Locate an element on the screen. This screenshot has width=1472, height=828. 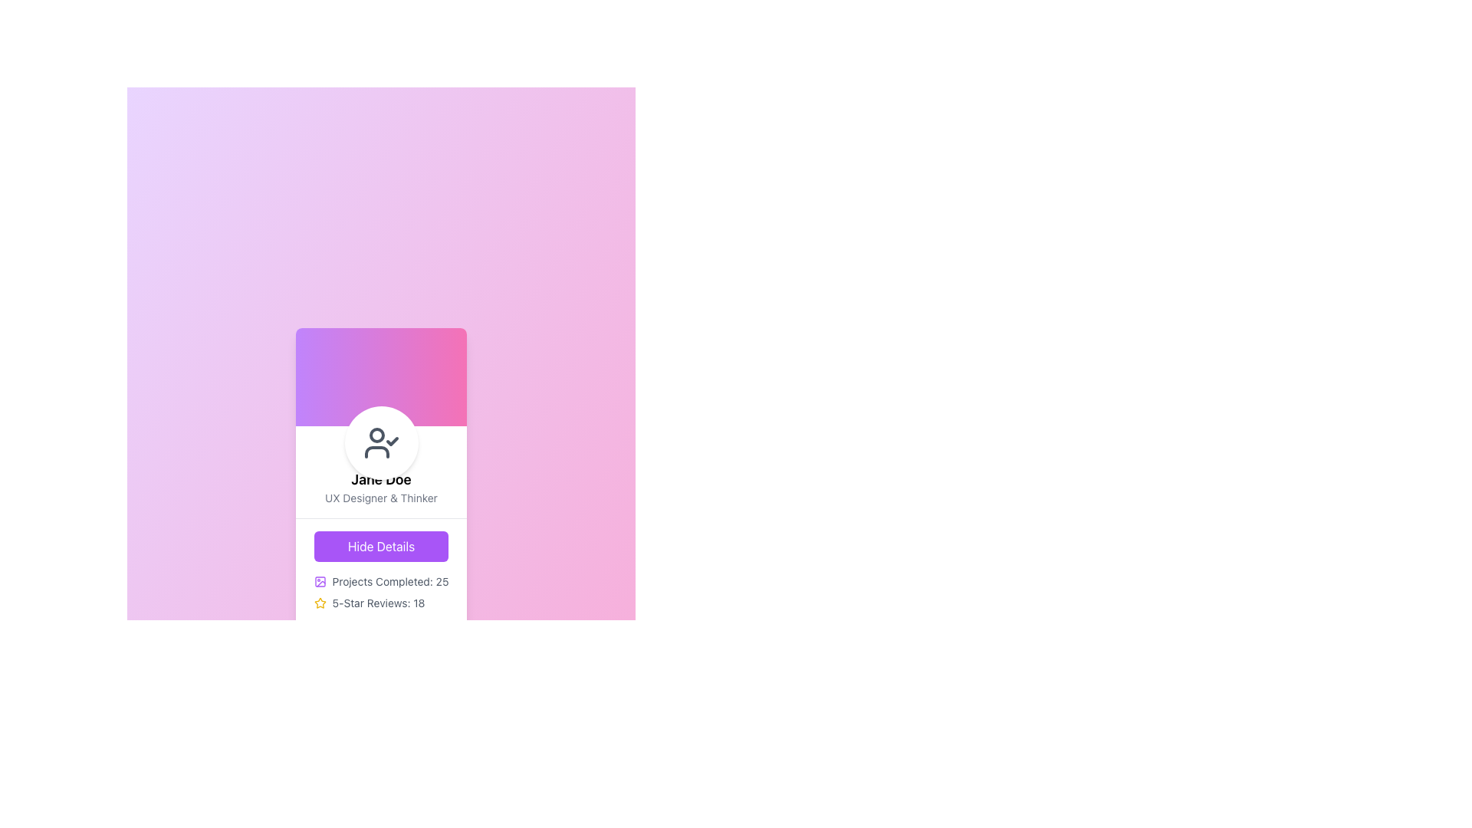
the Text Label displaying 'Projects Completed: 25', which is styled in dark gray and positioned below the 'Hide Details' button is located at coordinates (390, 581).